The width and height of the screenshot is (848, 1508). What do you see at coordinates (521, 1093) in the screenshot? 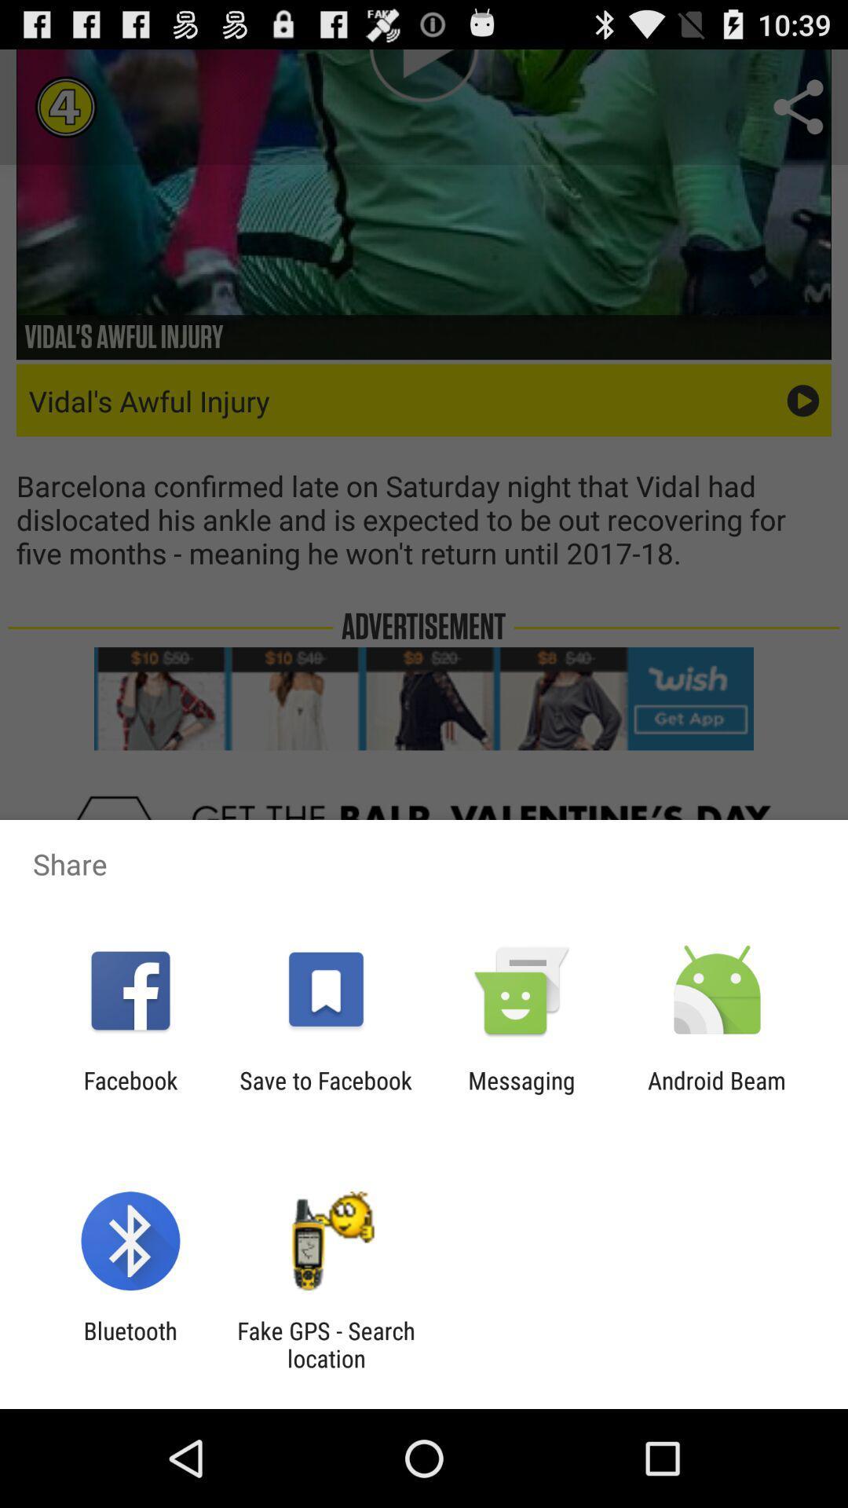
I see `the icon next to android beam` at bounding box center [521, 1093].